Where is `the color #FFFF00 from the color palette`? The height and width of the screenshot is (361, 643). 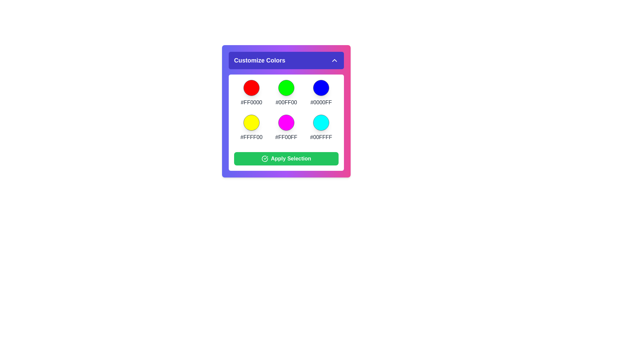 the color #FFFF00 from the color palette is located at coordinates (251, 122).